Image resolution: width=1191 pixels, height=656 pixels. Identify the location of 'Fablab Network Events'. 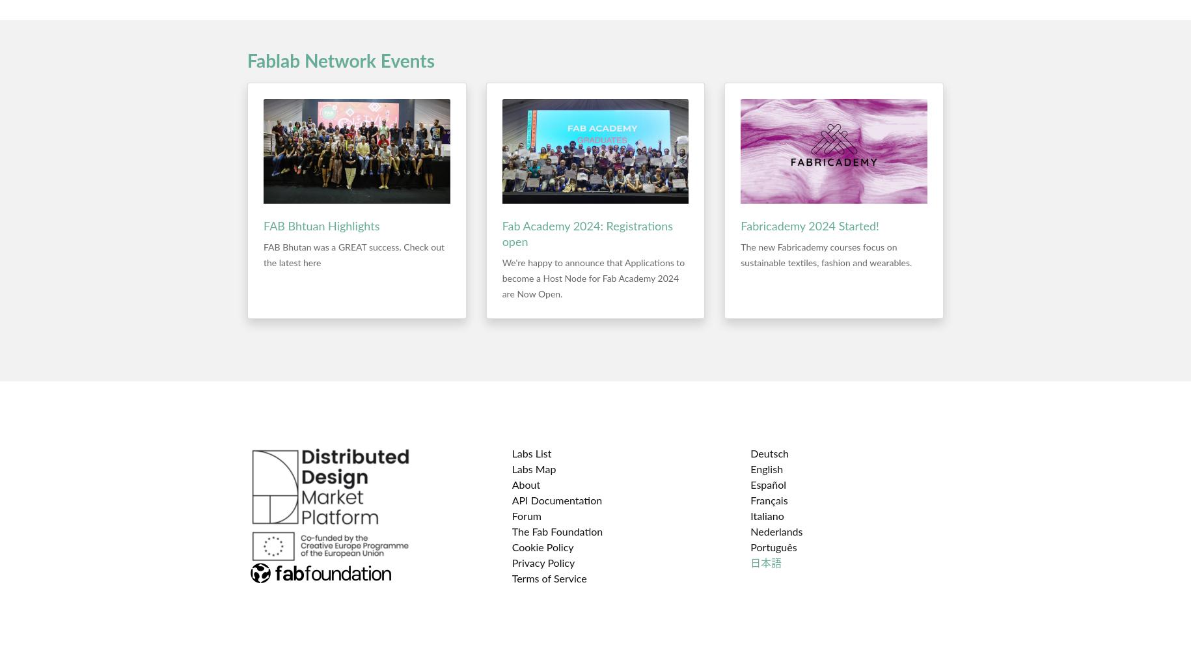
(340, 61).